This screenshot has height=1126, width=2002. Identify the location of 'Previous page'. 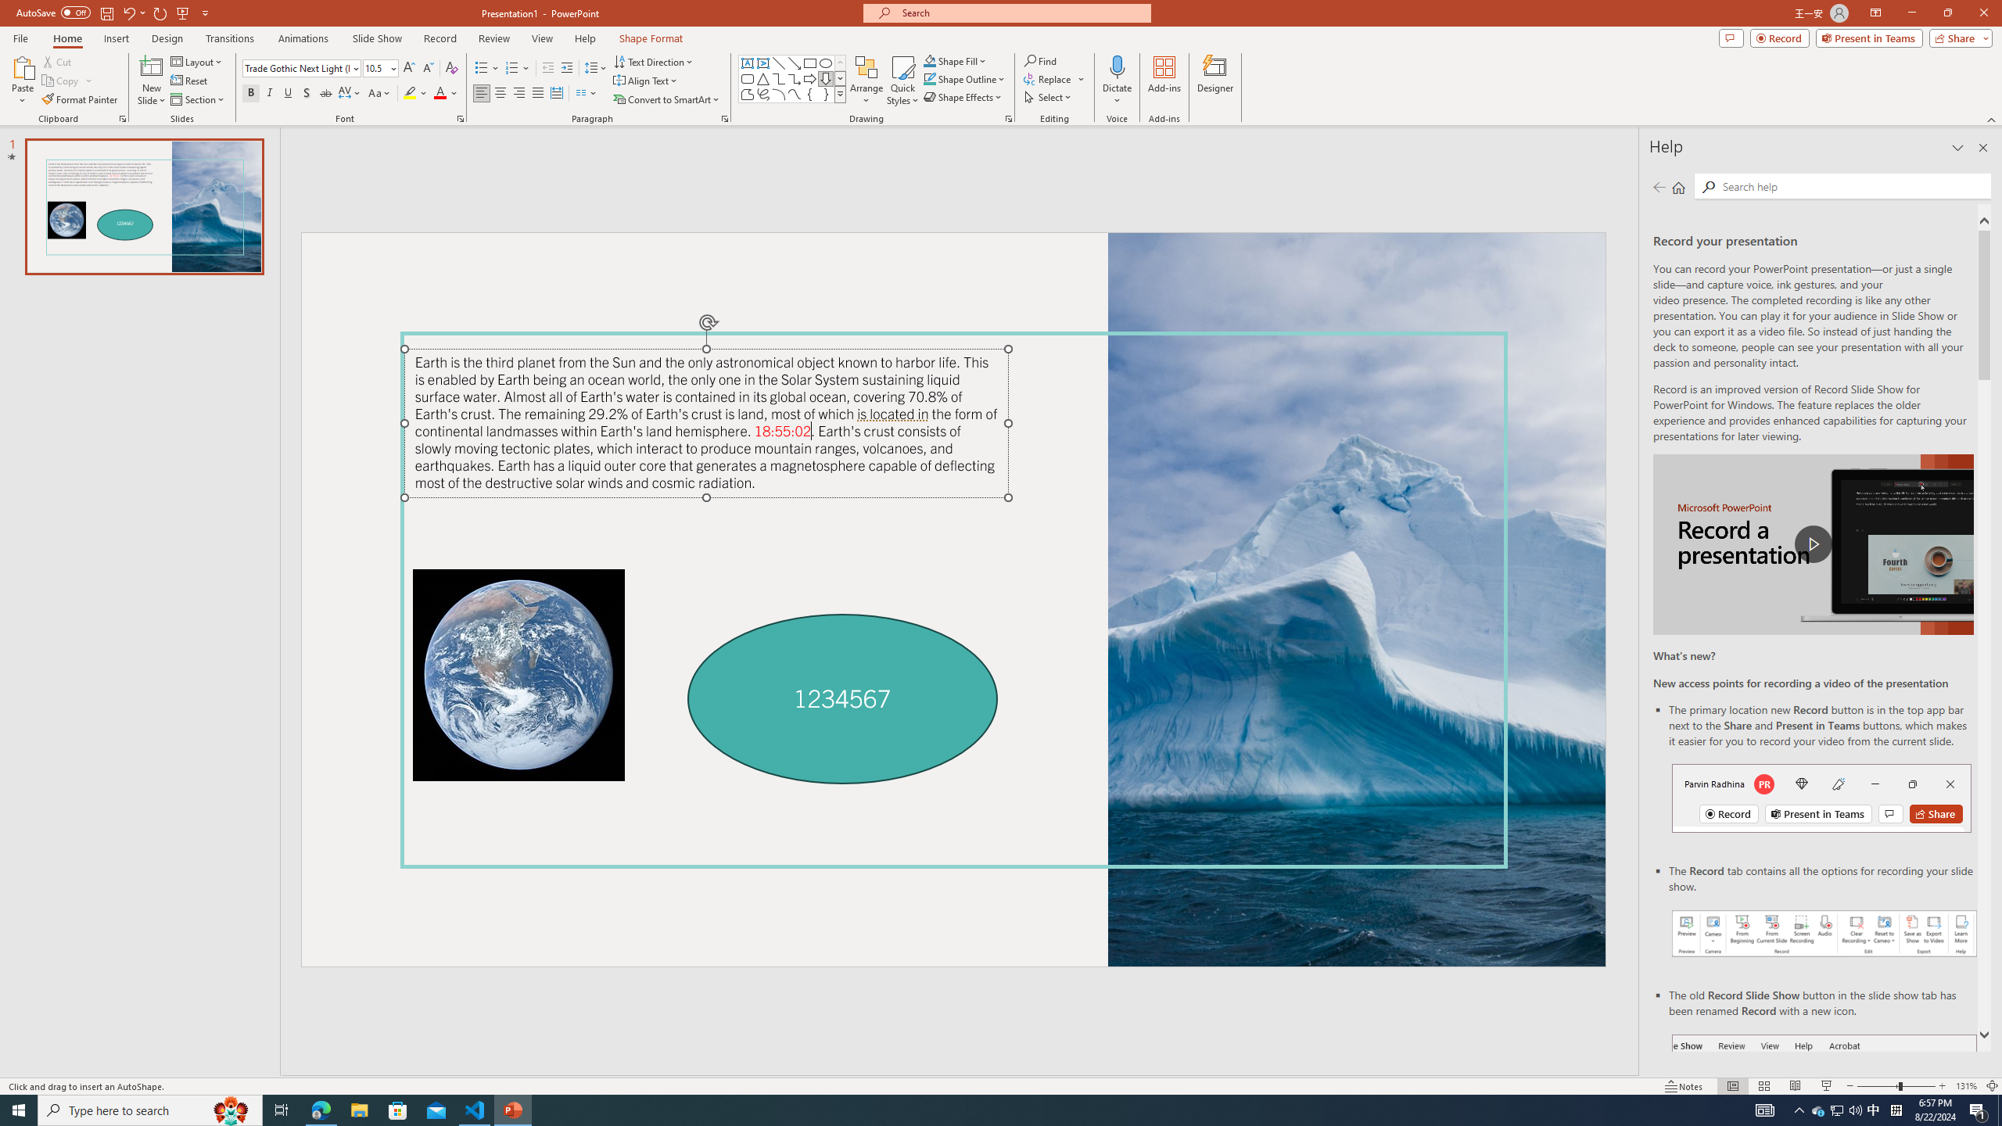
(1659, 186).